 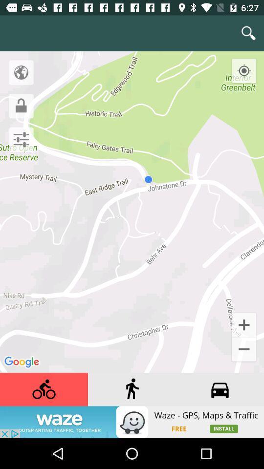 I want to click on the zoom_out icon, so click(x=243, y=342).